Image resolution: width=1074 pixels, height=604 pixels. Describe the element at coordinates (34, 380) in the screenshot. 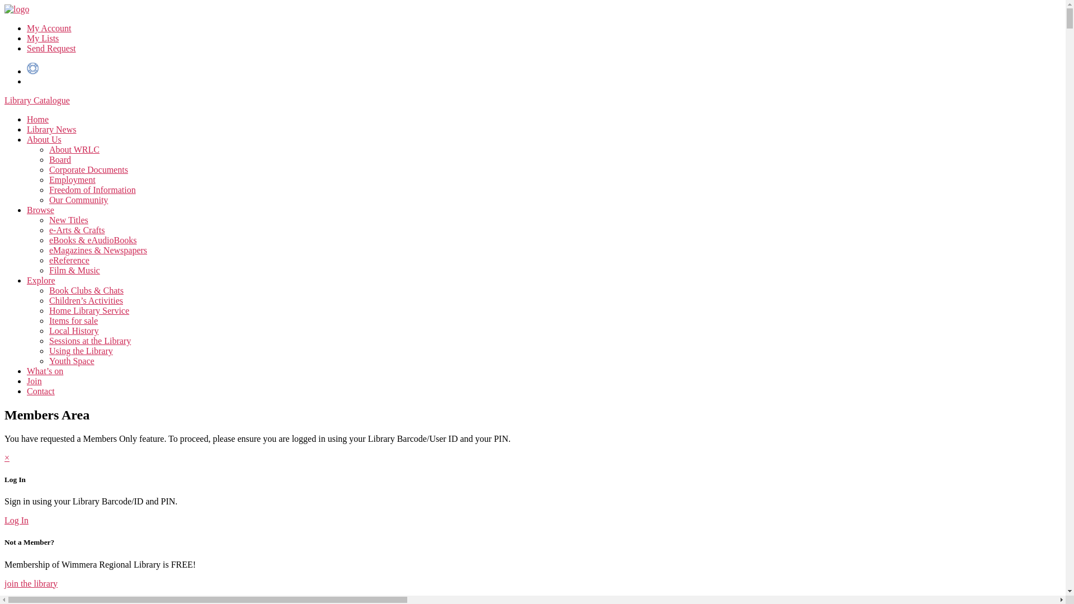

I see `'Join'` at that location.